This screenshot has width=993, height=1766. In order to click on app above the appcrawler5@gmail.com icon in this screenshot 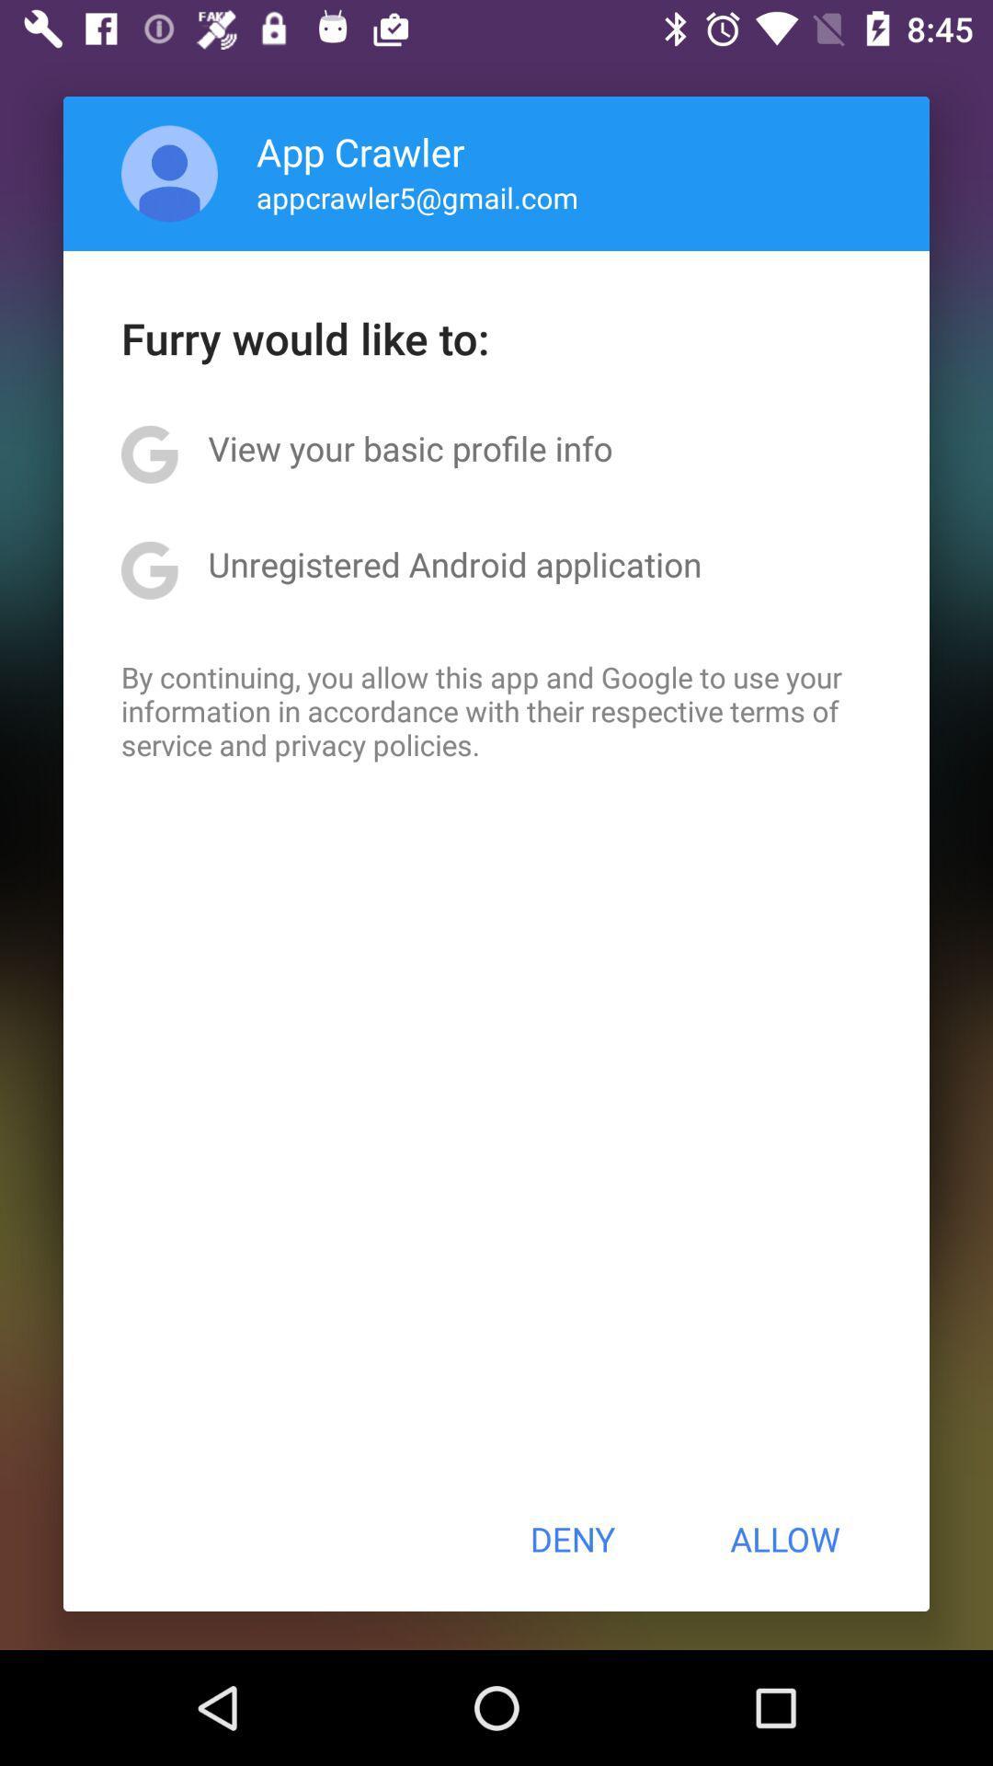, I will do `click(360, 151)`.